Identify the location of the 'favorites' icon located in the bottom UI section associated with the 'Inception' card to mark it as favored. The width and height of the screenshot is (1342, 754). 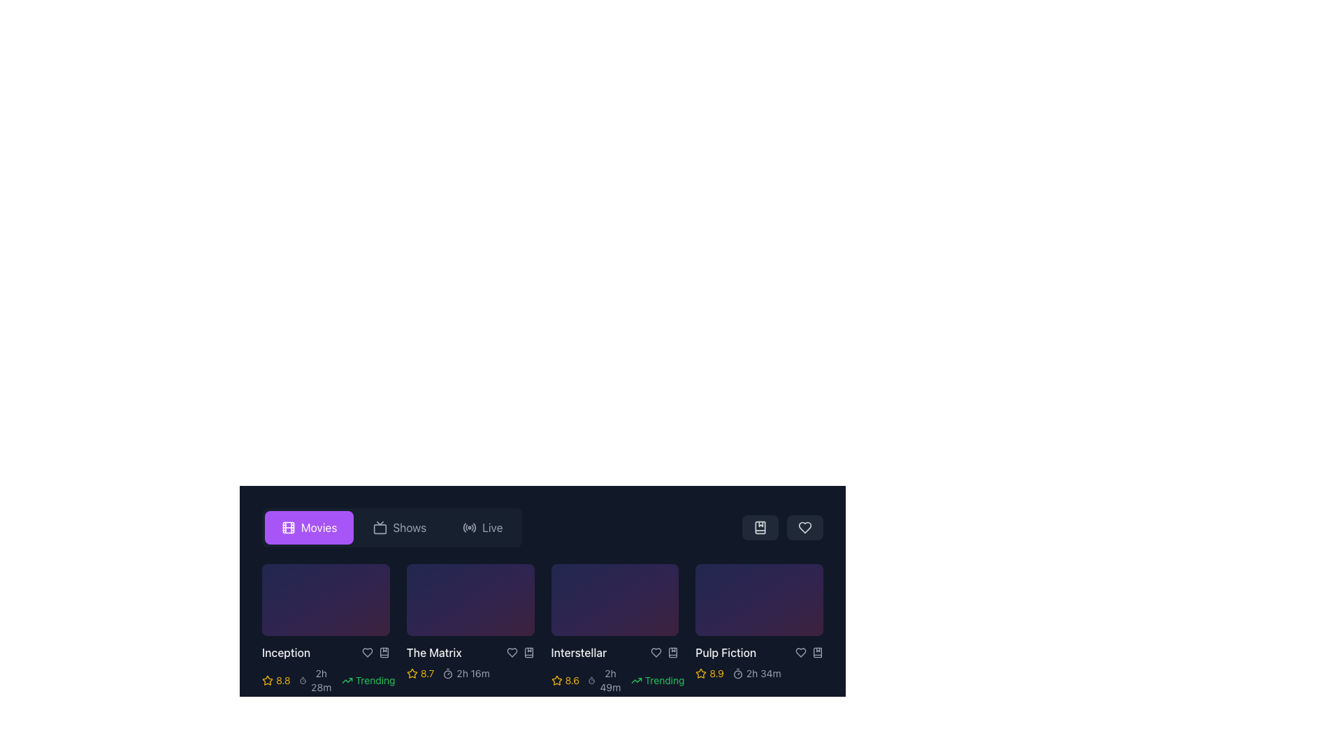
(367, 652).